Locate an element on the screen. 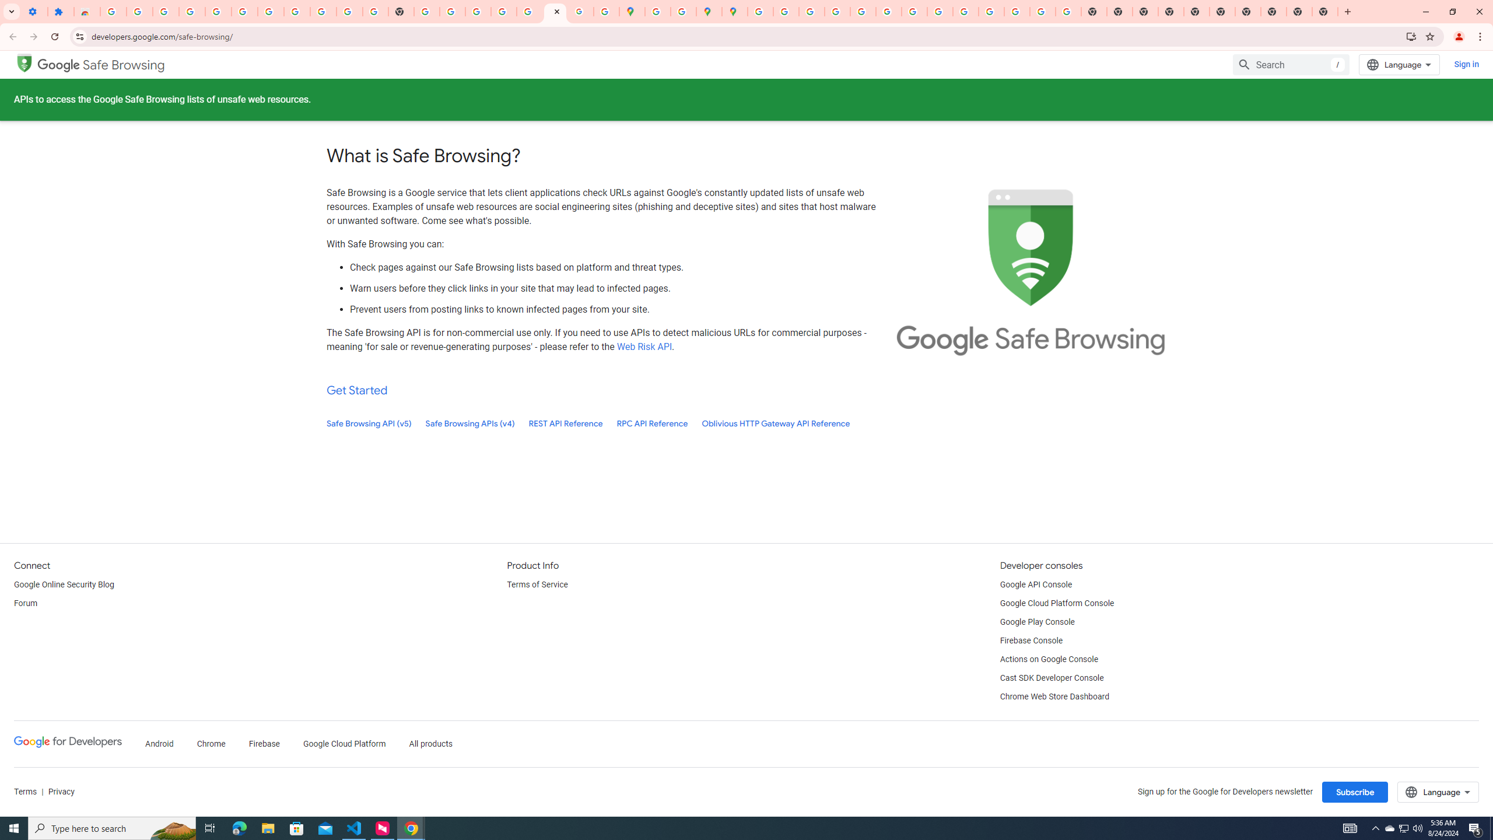  'Google Safe Browsing' is located at coordinates (101, 65).